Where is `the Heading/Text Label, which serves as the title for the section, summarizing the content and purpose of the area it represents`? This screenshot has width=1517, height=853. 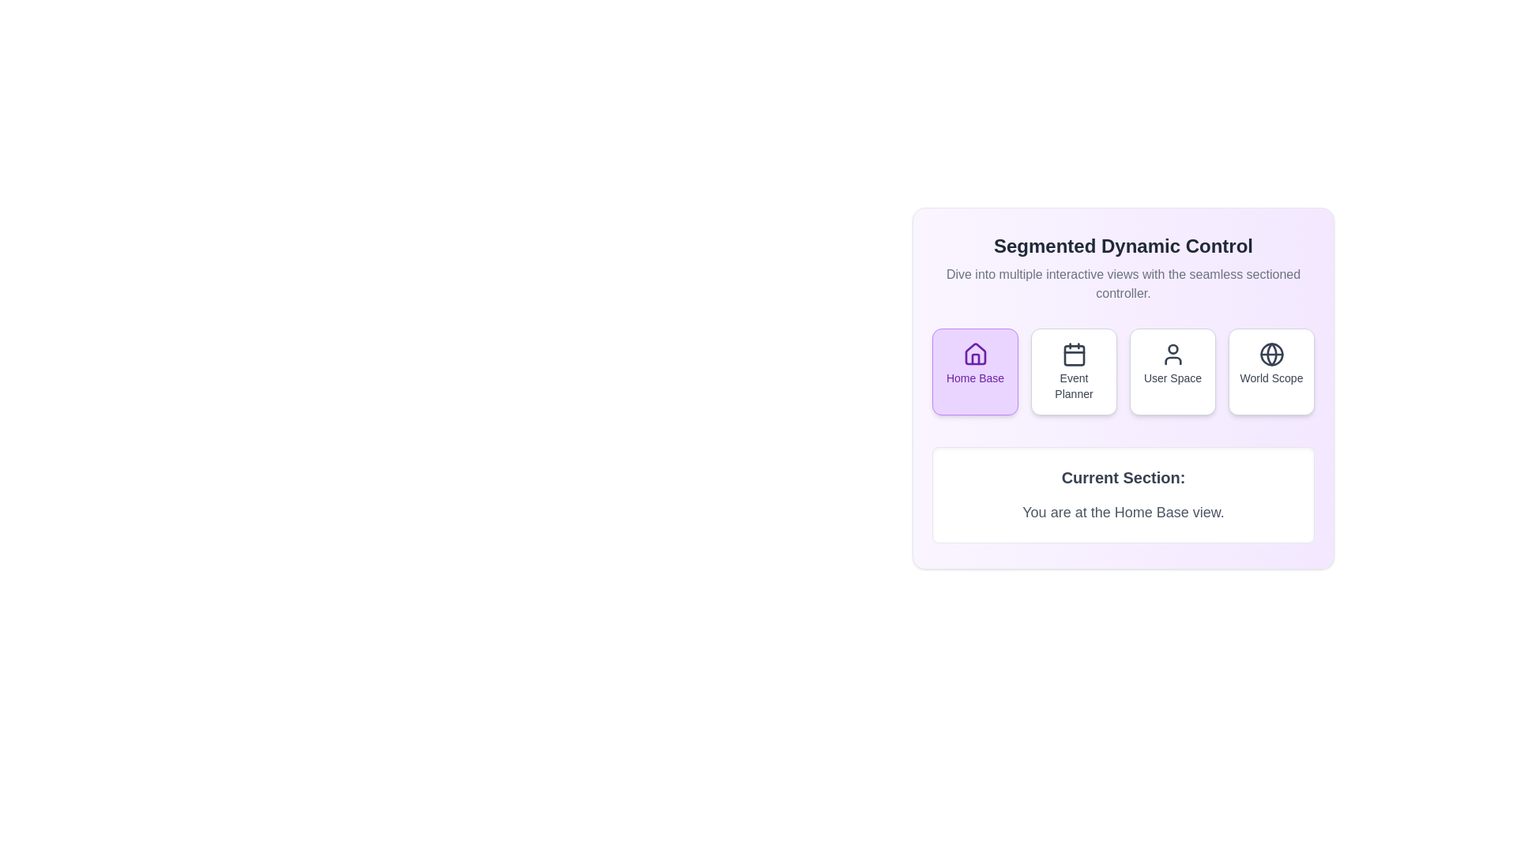
the Heading/Text Label, which serves as the title for the section, summarizing the content and purpose of the area it represents is located at coordinates (1122, 246).